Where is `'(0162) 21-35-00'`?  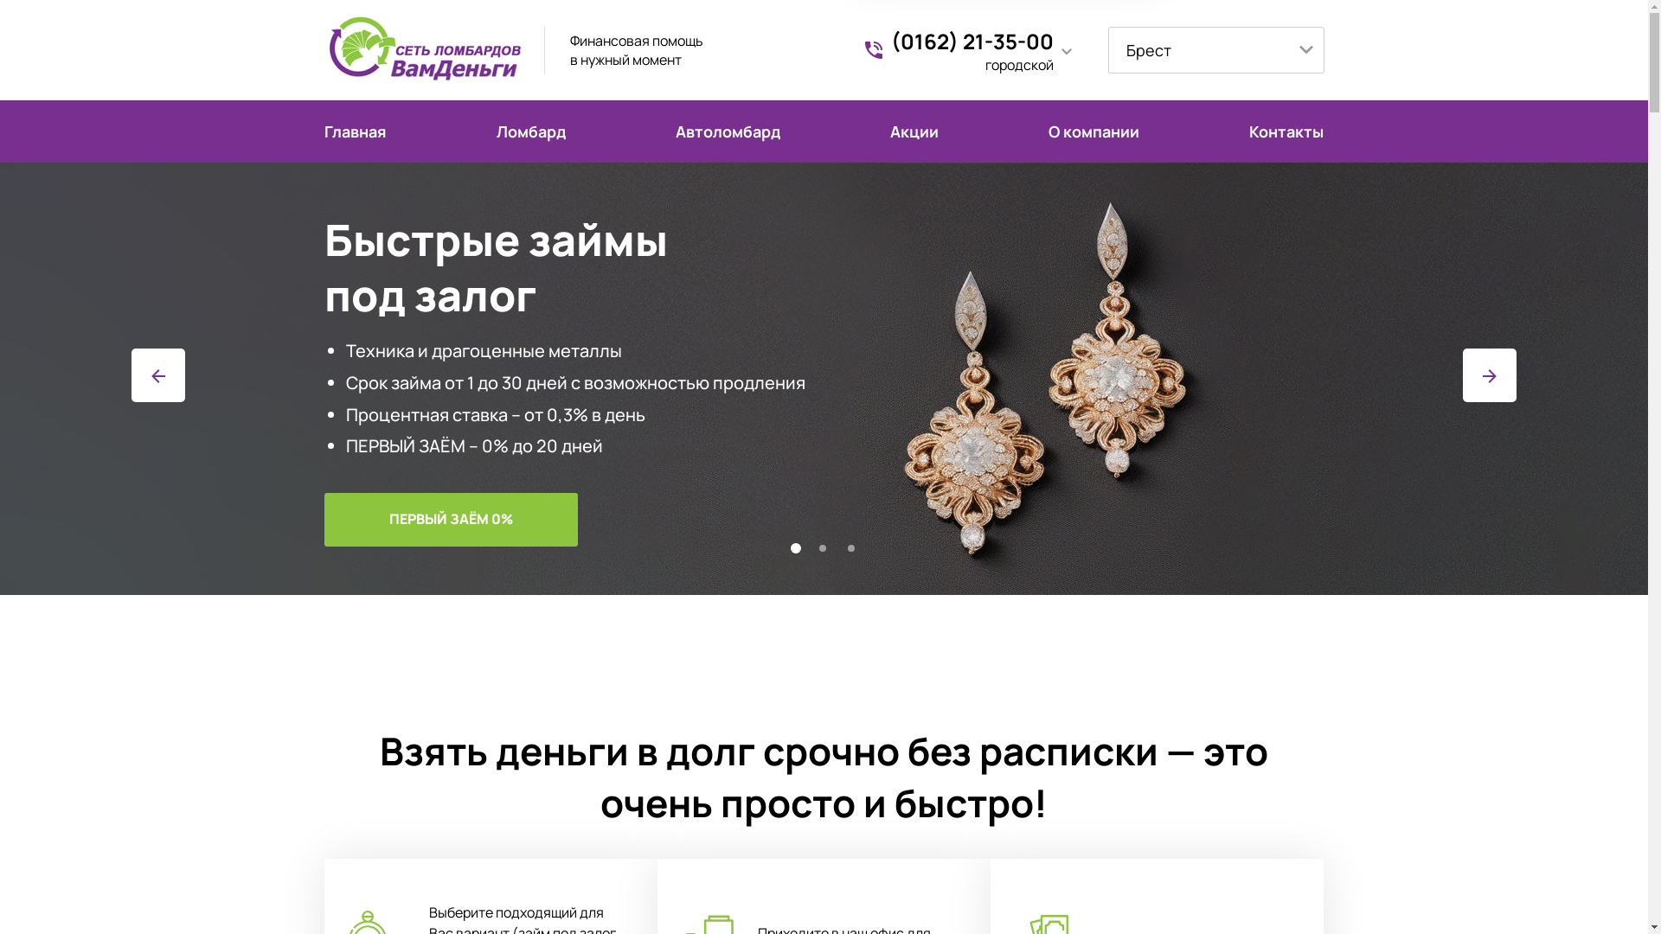 '(0162) 21-35-00' is located at coordinates (972, 39).